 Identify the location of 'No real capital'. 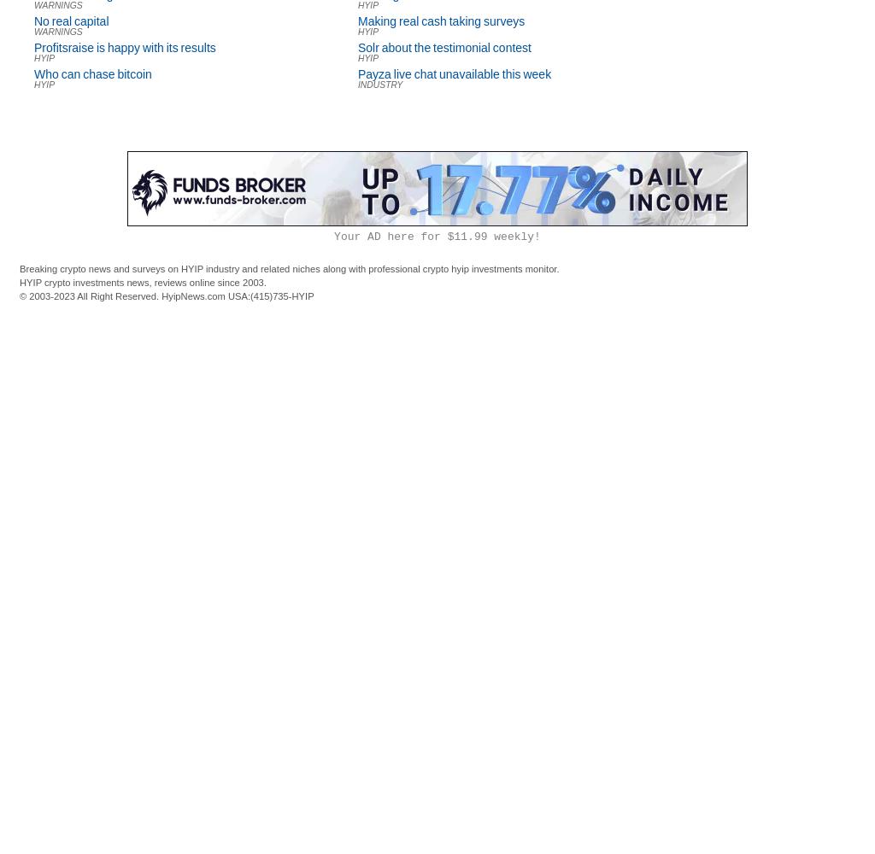
(70, 21).